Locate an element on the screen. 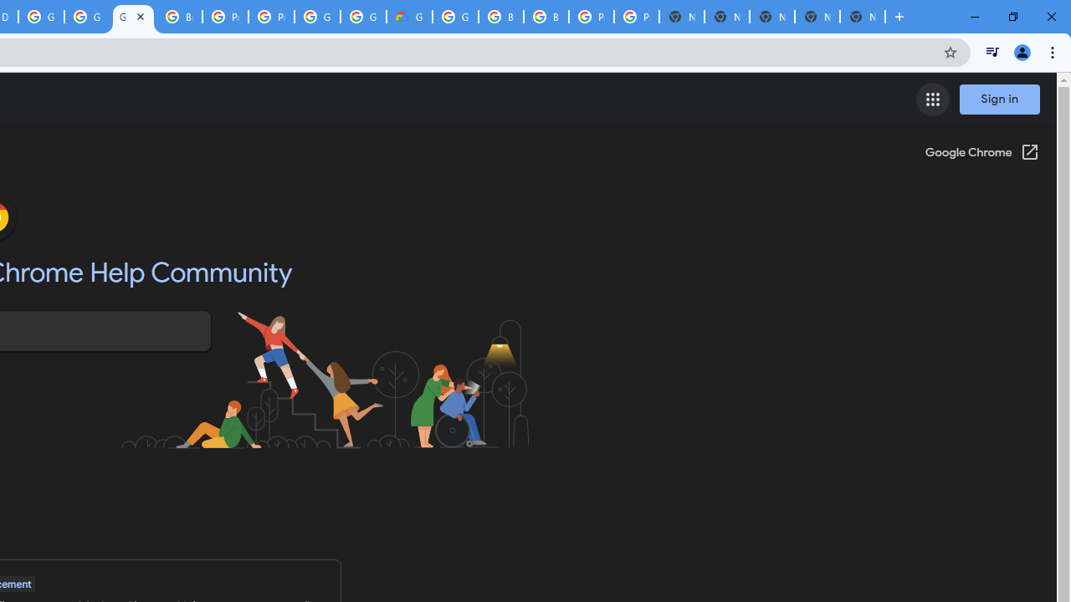 Image resolution: width=1071 pixels, height=602 pixels. 'Google Cloud Estimate Summary' is located at coordinates (409, 17).